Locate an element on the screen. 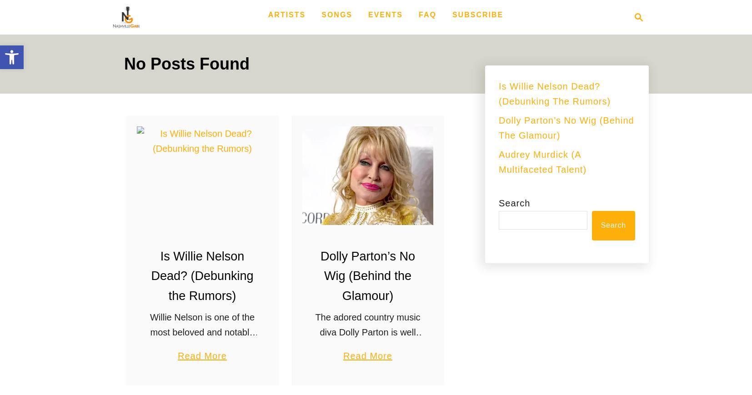  'Audrey Murdick (A Multifaceted Talent)' is located at coordinates (542, 161).